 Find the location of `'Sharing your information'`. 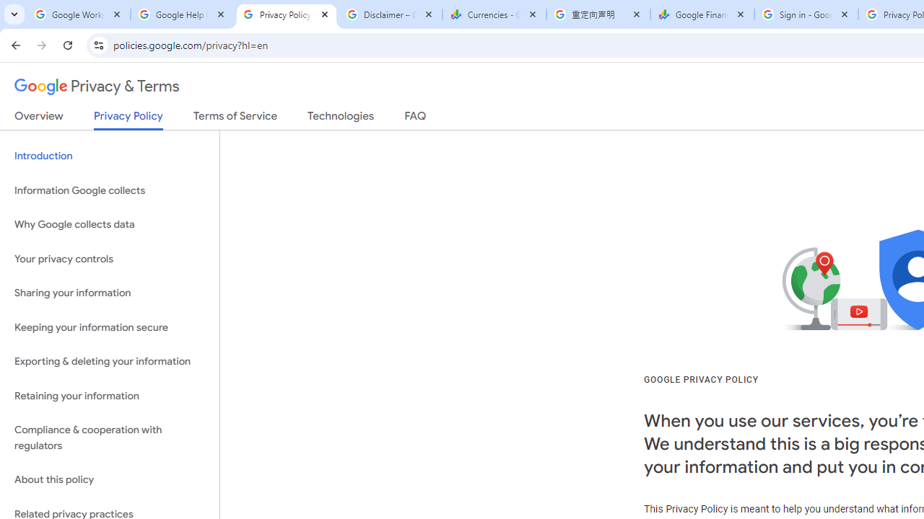

'Sharing your information' is located at coordinates (109, 293).